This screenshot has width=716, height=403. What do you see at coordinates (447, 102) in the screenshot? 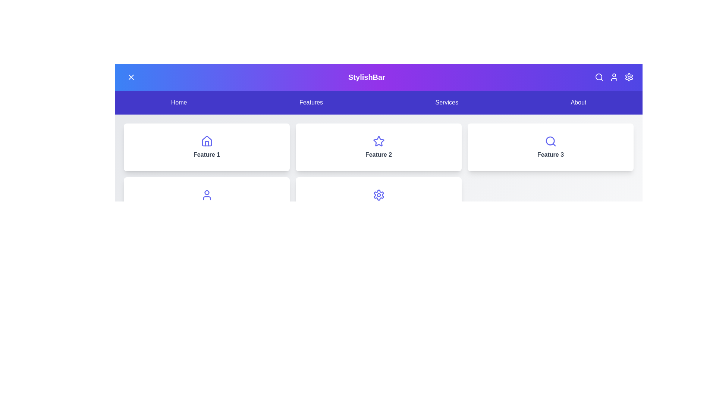
I see `the navigation link labeled Services` at bounding box center [447, 102].